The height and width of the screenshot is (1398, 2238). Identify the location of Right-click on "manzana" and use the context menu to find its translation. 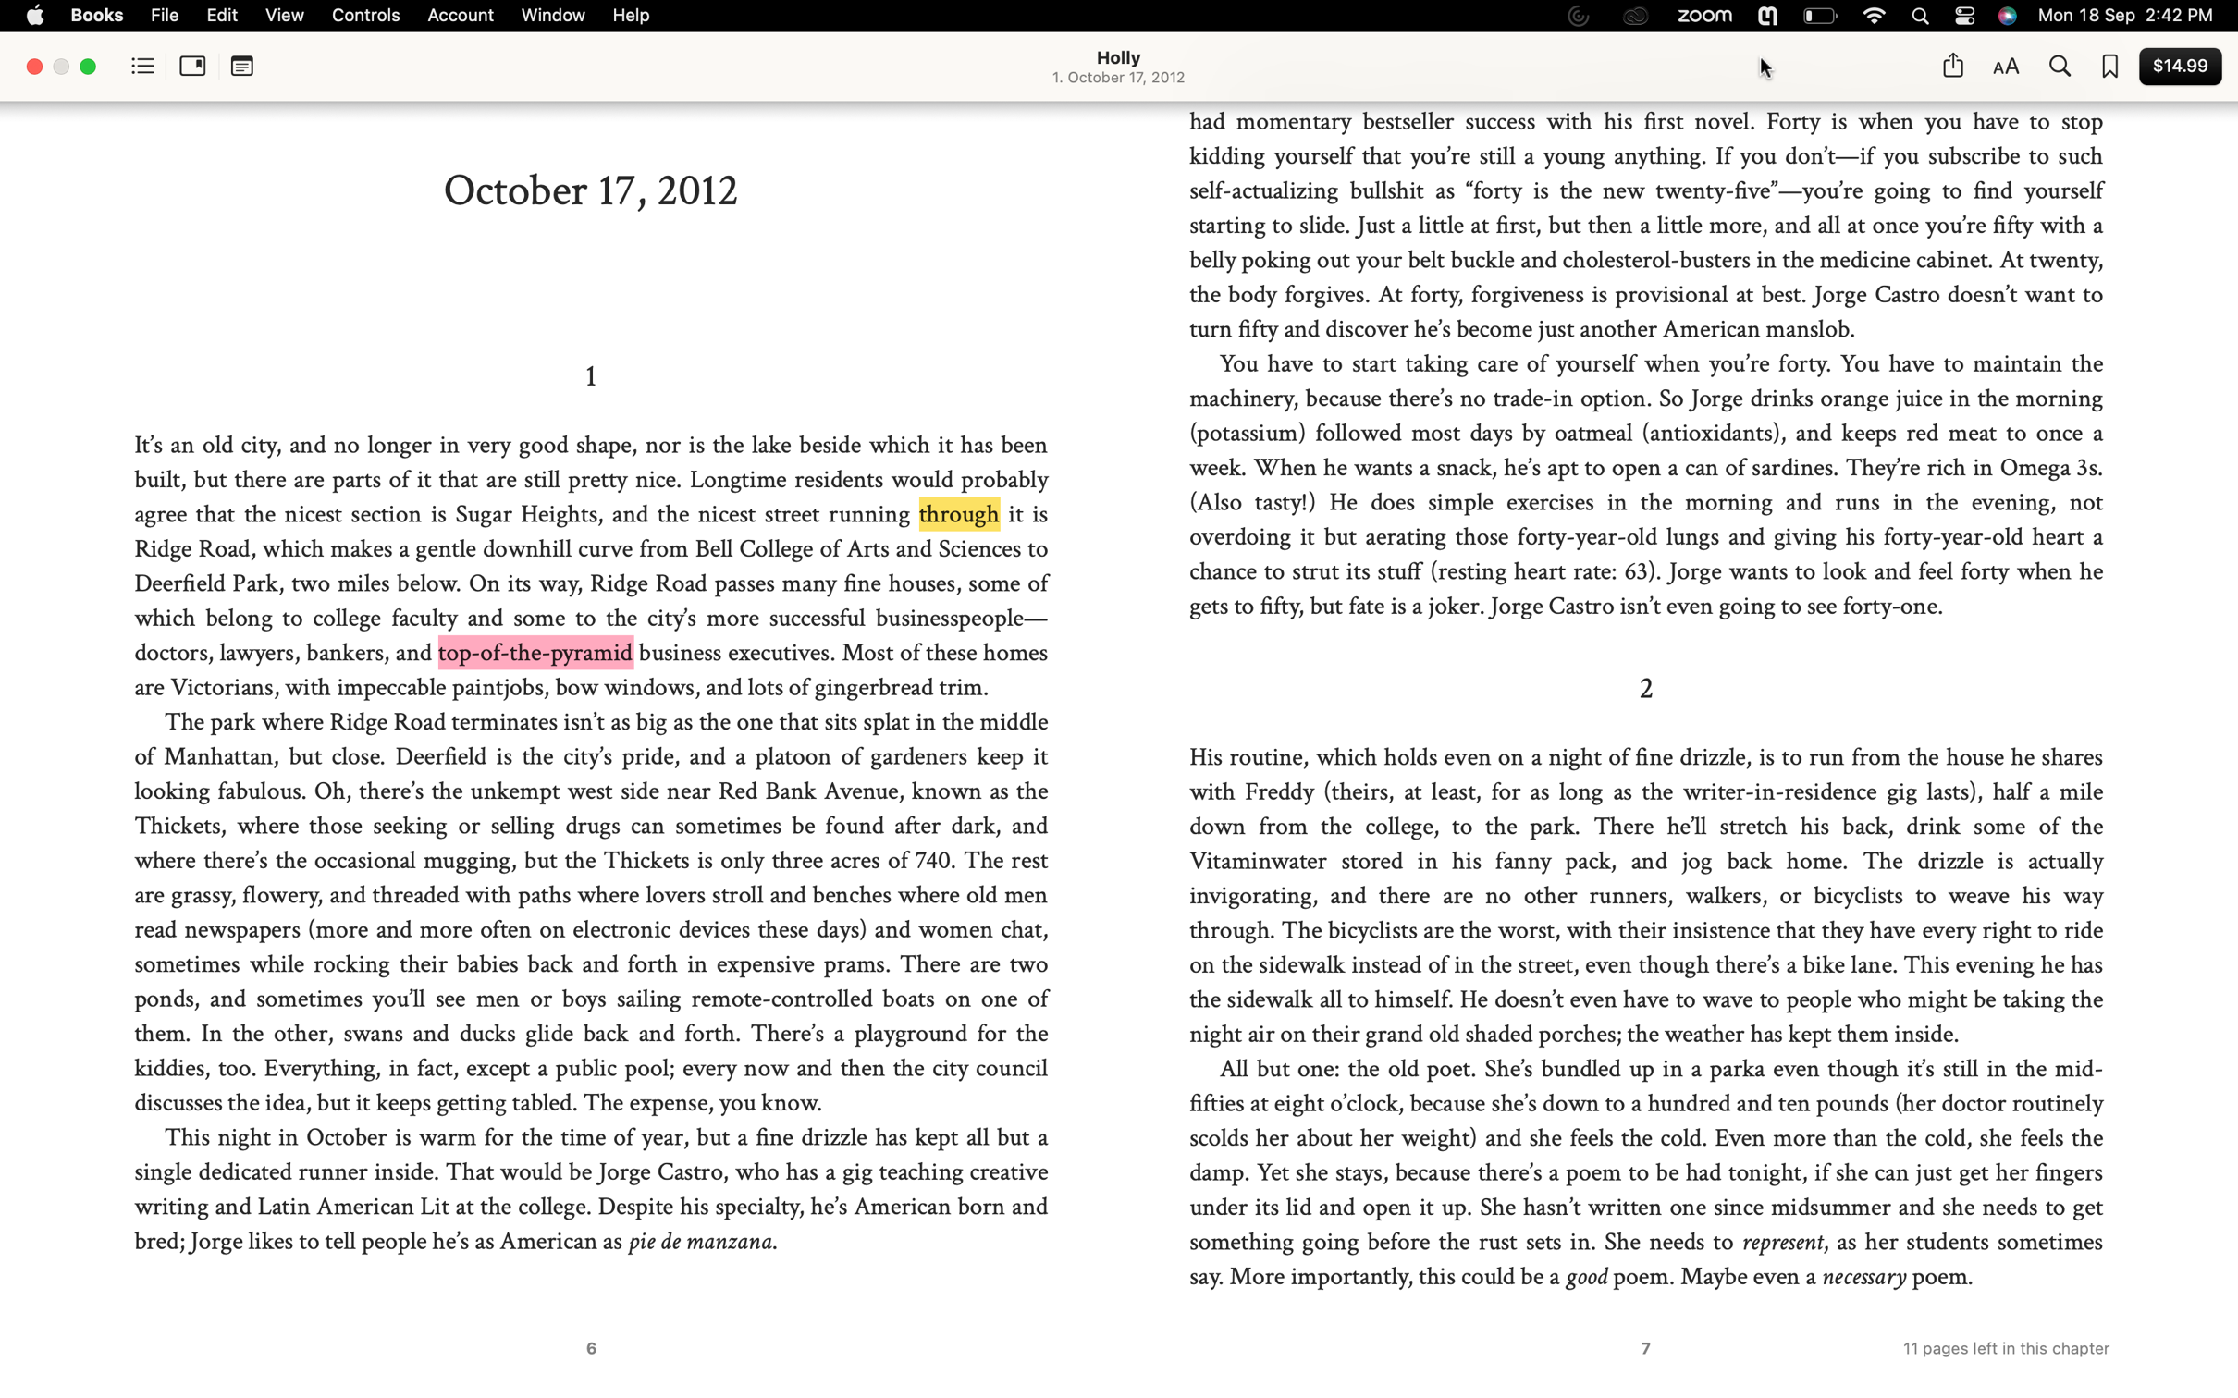
(768, 1241).